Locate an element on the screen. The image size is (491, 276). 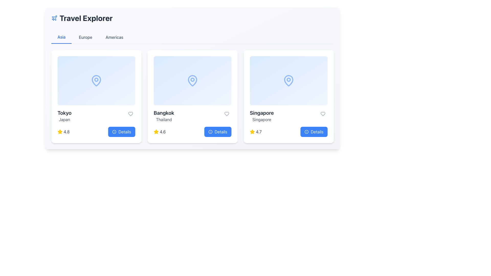
the location pin icon with a light blue stroke on the blue rectangular background, located in the rightmost card labeled 'Singapore' is located at coordinates (288, 80).